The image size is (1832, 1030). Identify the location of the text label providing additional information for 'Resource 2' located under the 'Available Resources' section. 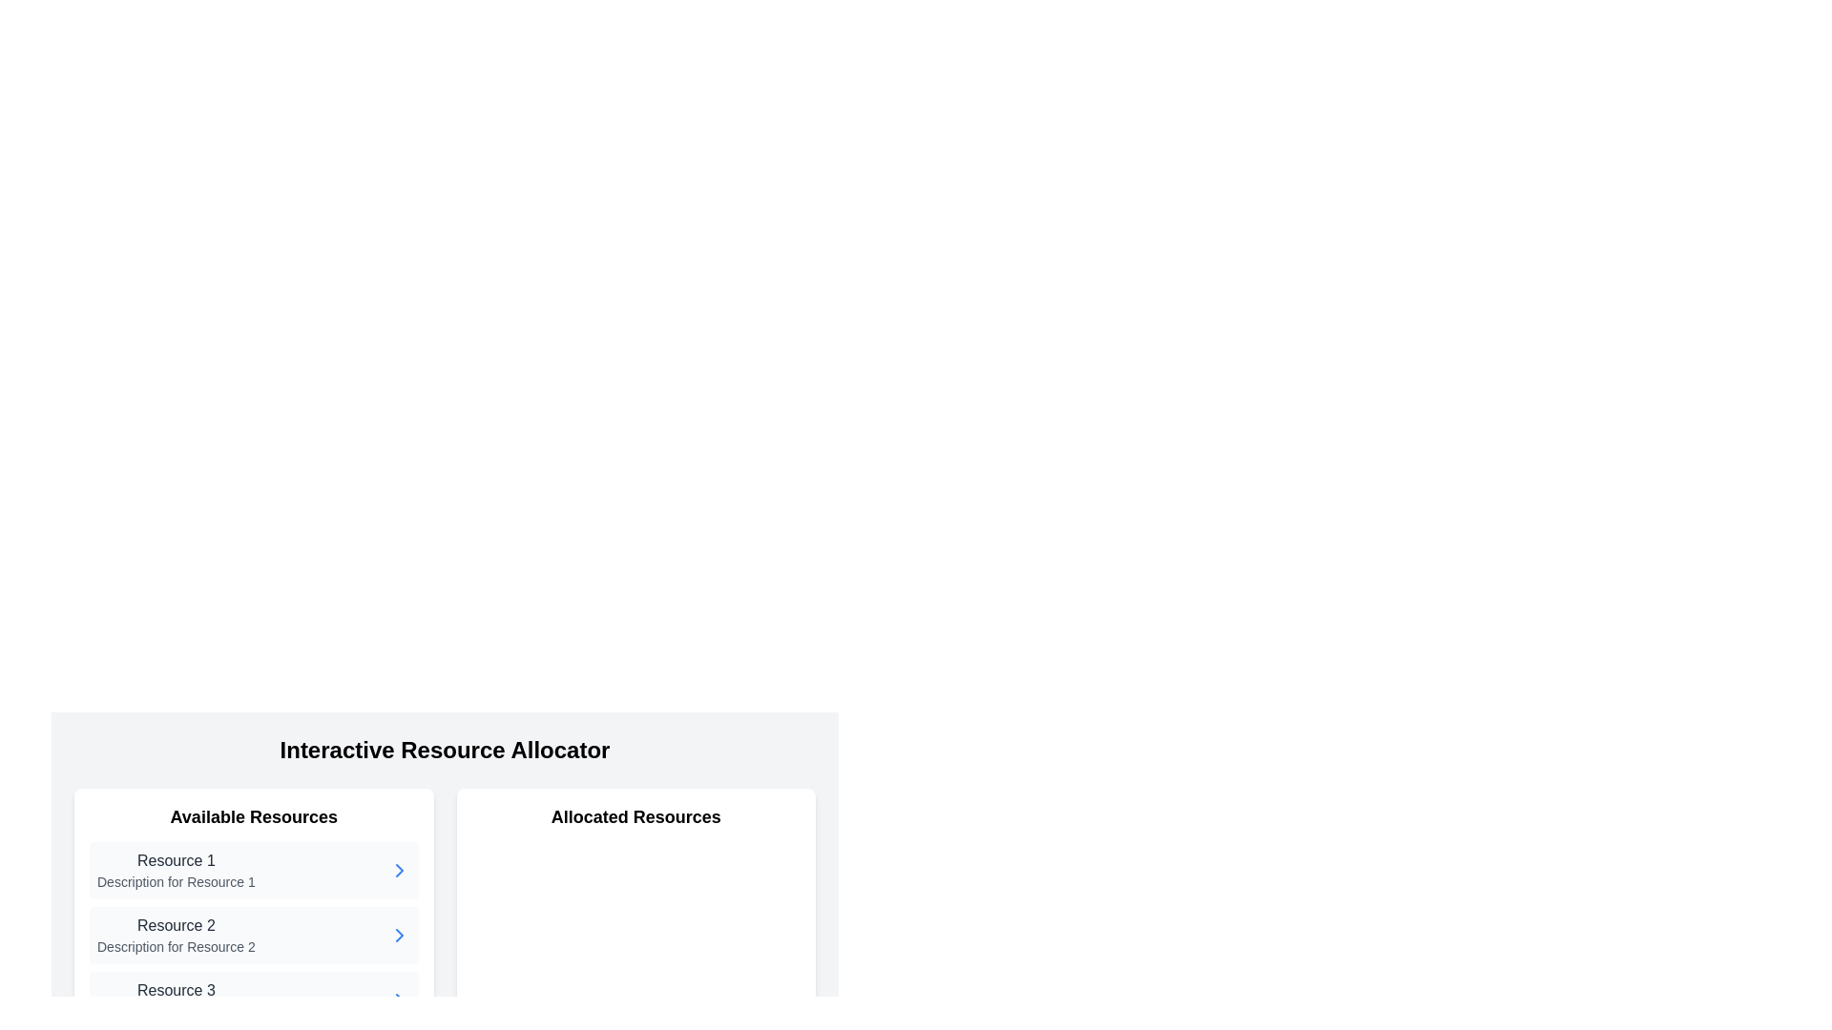
(176, 946).